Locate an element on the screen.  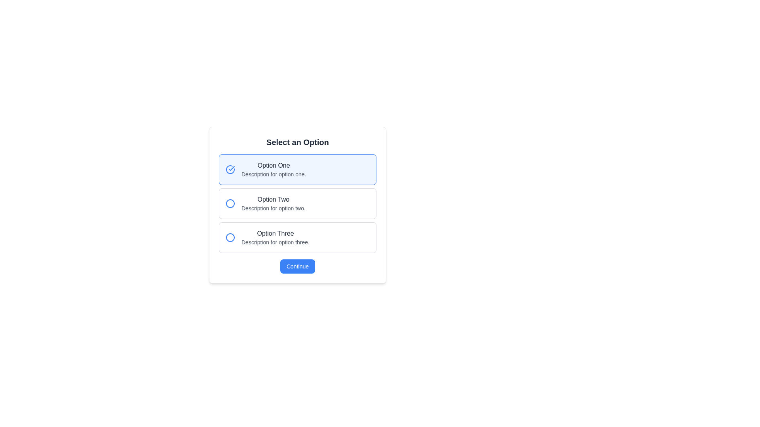
the Circle graphical element that signifies the unselected state of the associated option in the second position of the vertically arranged list is located at coordinates (230, 203).